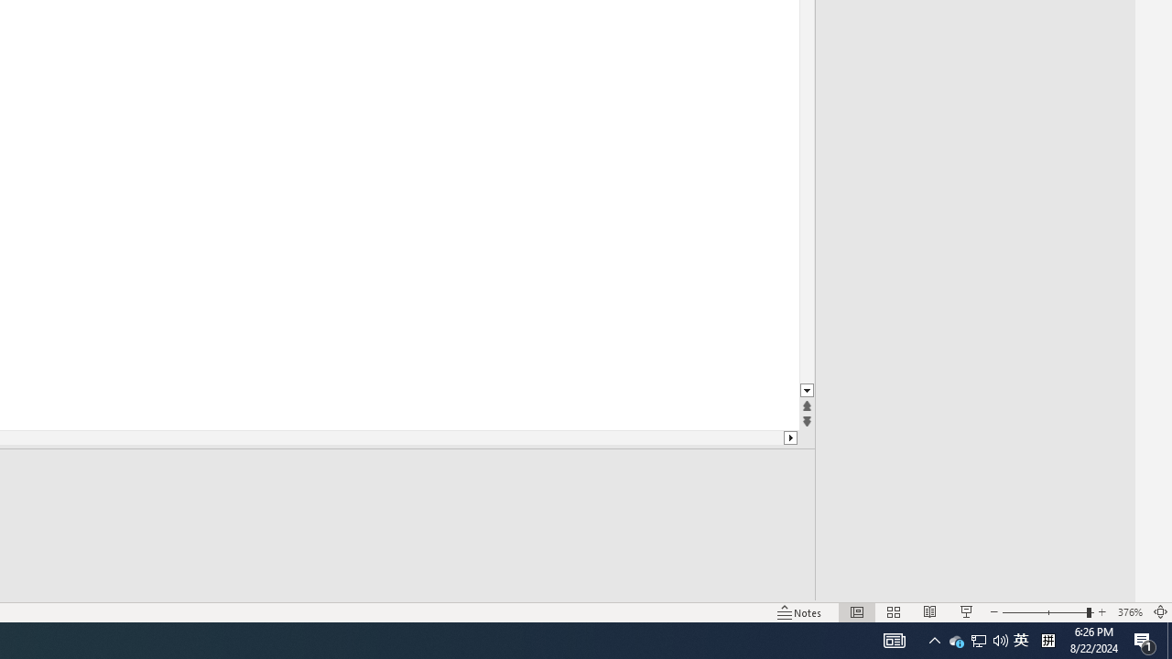 This screenshot has height=659, width=1172. What do you see at coordinates (1129, 612) in the screenshot?
I see `'Zoom 376%'` at bounding box center [1129, 612].